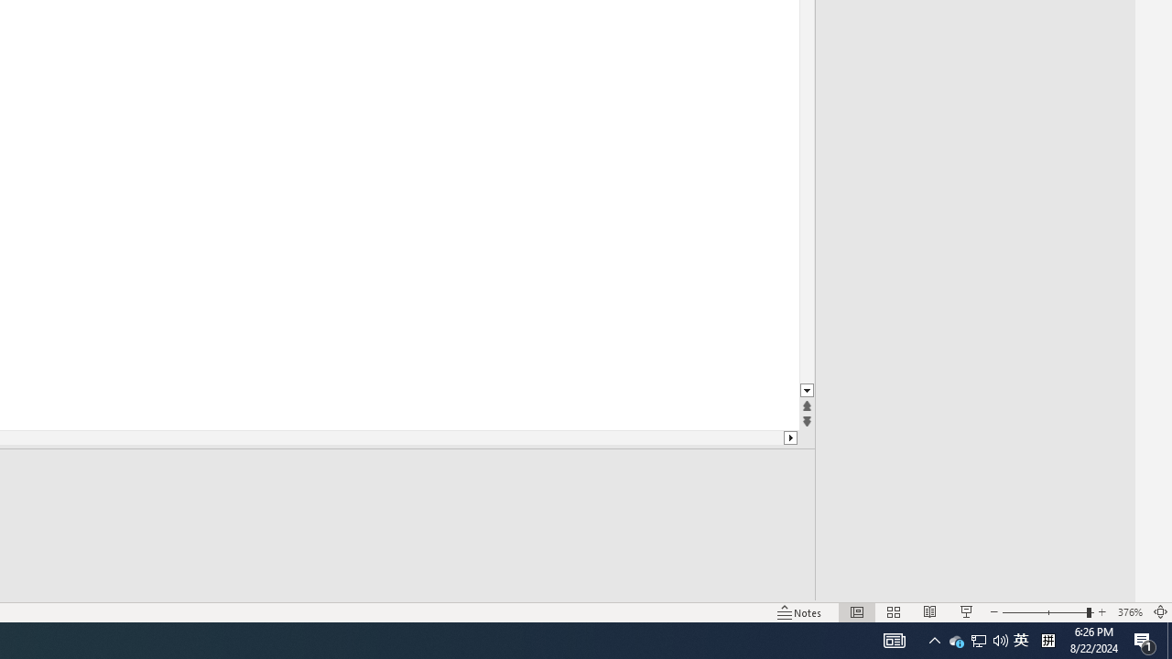 This screenshot has height=659, width=1172. What do you see at coordinates (1129, 612) in the screenshot?
I see `'Zoom 376%'` at bounding box center [1129, 612].